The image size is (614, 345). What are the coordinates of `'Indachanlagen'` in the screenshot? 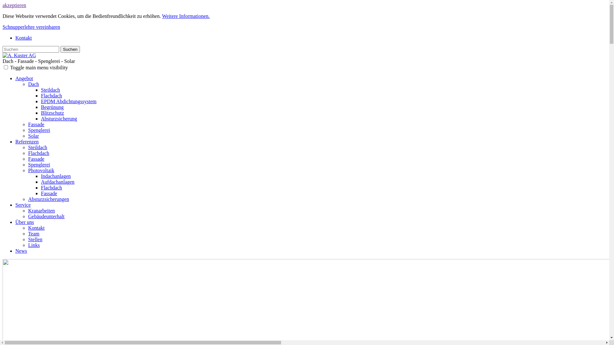 It's located at (41, 176).